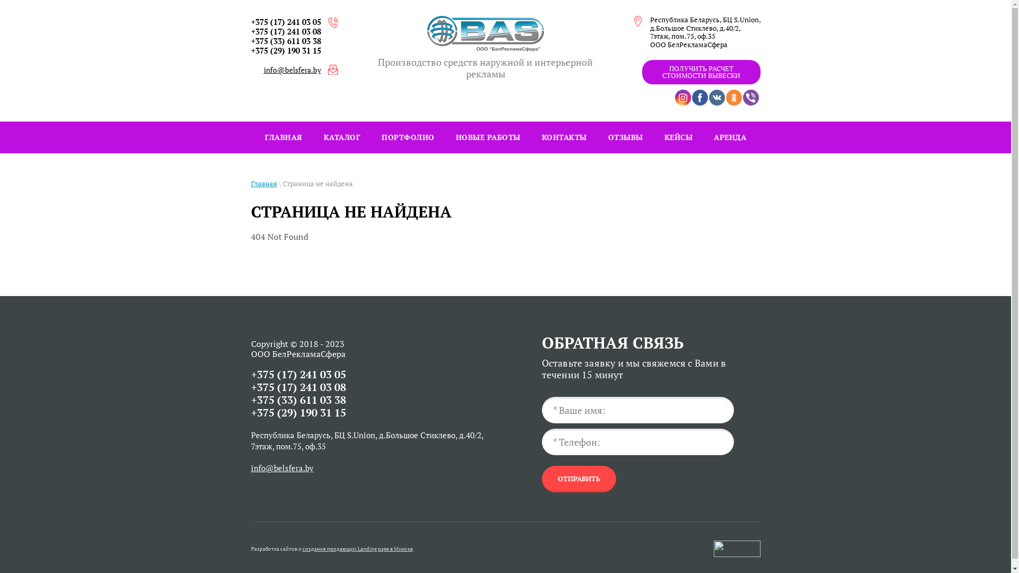  I want to click on '+375 (33) 611 03 38', so click(285, 40).